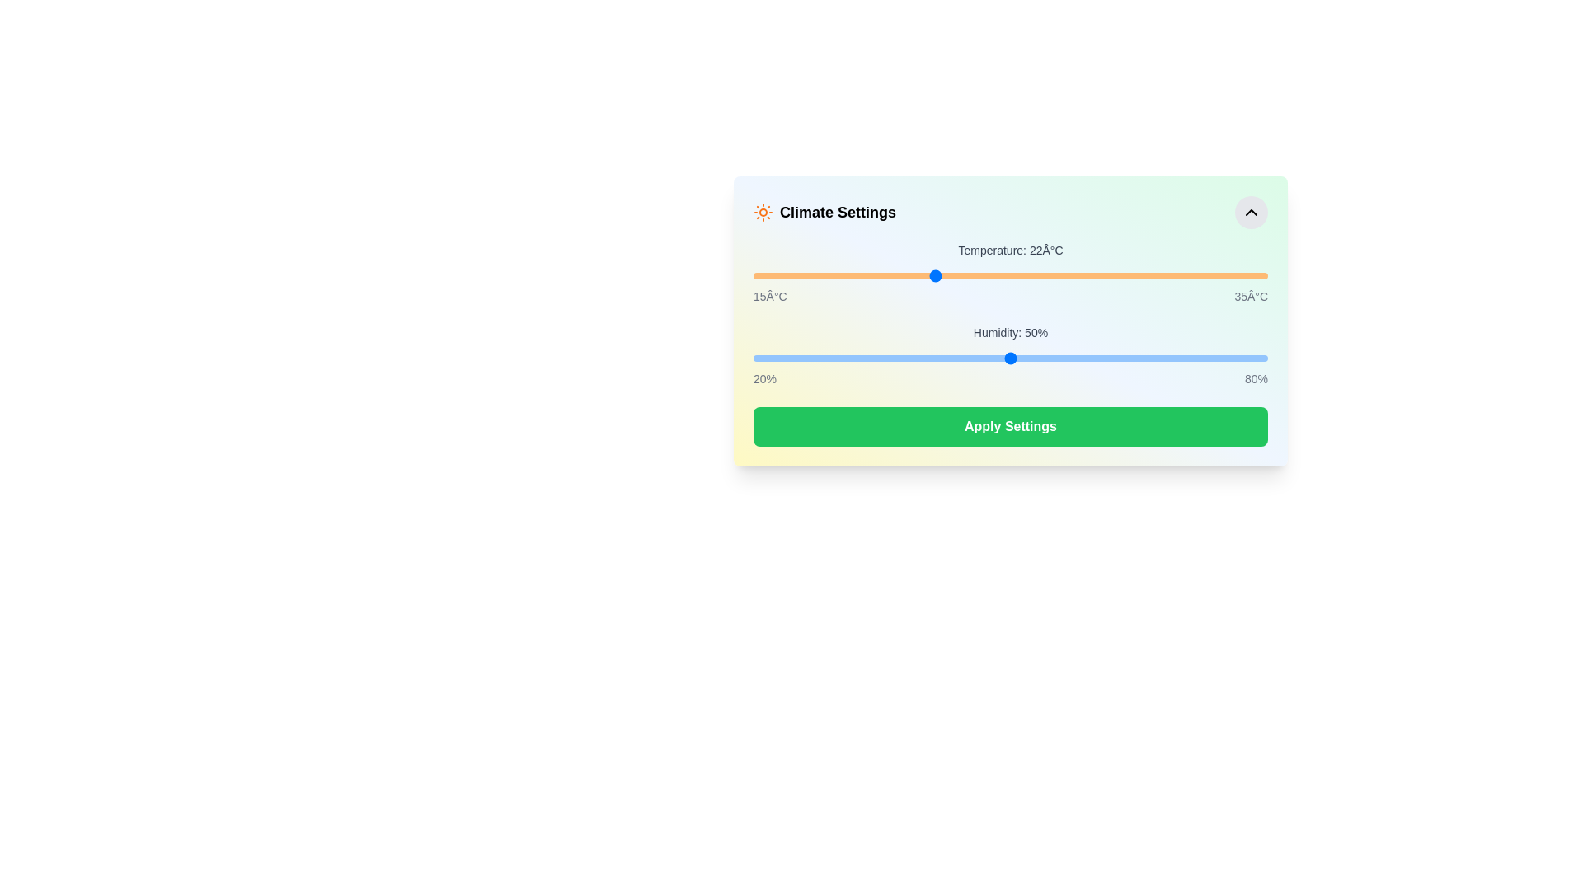 Image resolution: width=1583 pixels, height=890 pixels. Describe the element at coordinates (1009, 295) in the screenshot. I see `the text label displaying temperature values '15°C' on the left and '35°C' on the right, which is located beneath the orange slider bar labeled 'Temperature: 22°C'` at that location.